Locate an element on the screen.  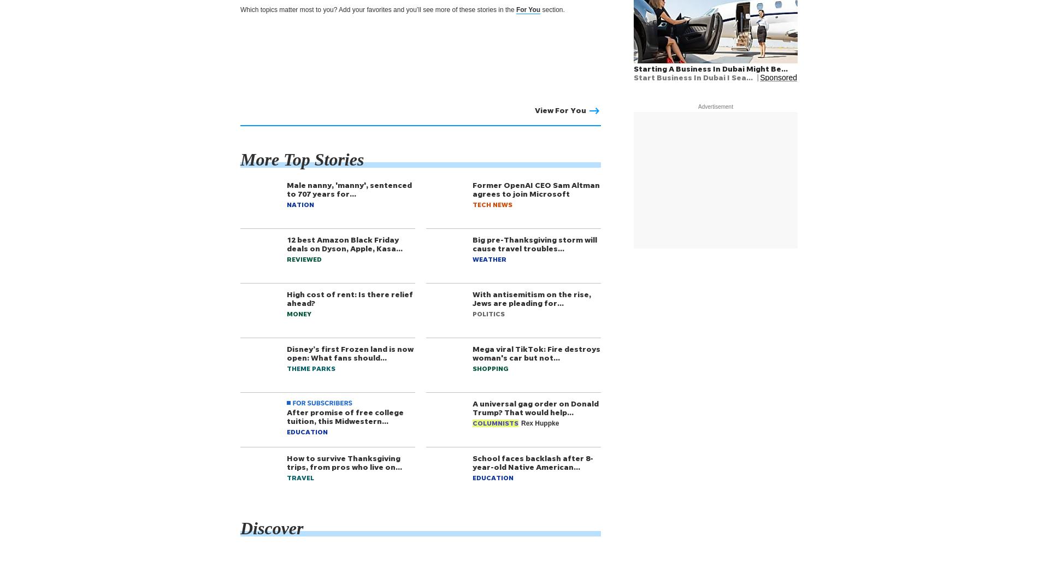
'Male nanny, 'manny', sentenced to 707 years for…' is located at coordinates (349, 188).